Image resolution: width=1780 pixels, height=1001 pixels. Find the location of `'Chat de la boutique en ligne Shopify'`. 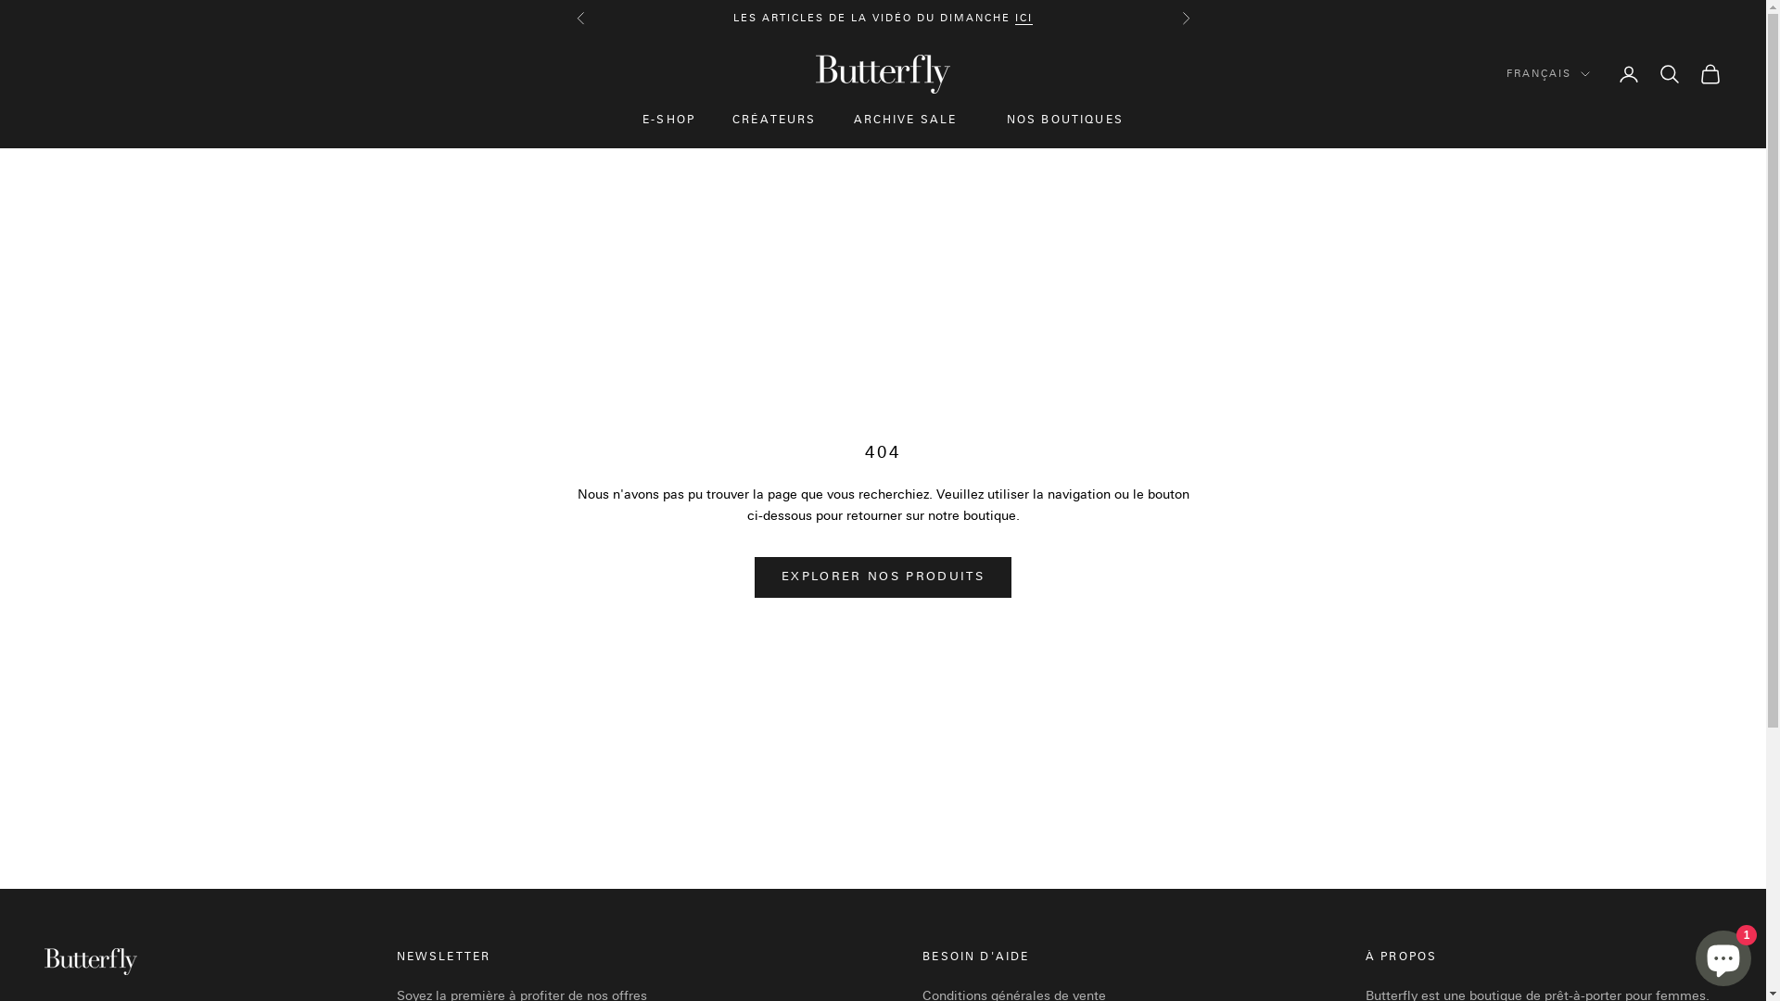

'Chat de la boutique en ligne Shopify' is located at coordinates (1722, 954).